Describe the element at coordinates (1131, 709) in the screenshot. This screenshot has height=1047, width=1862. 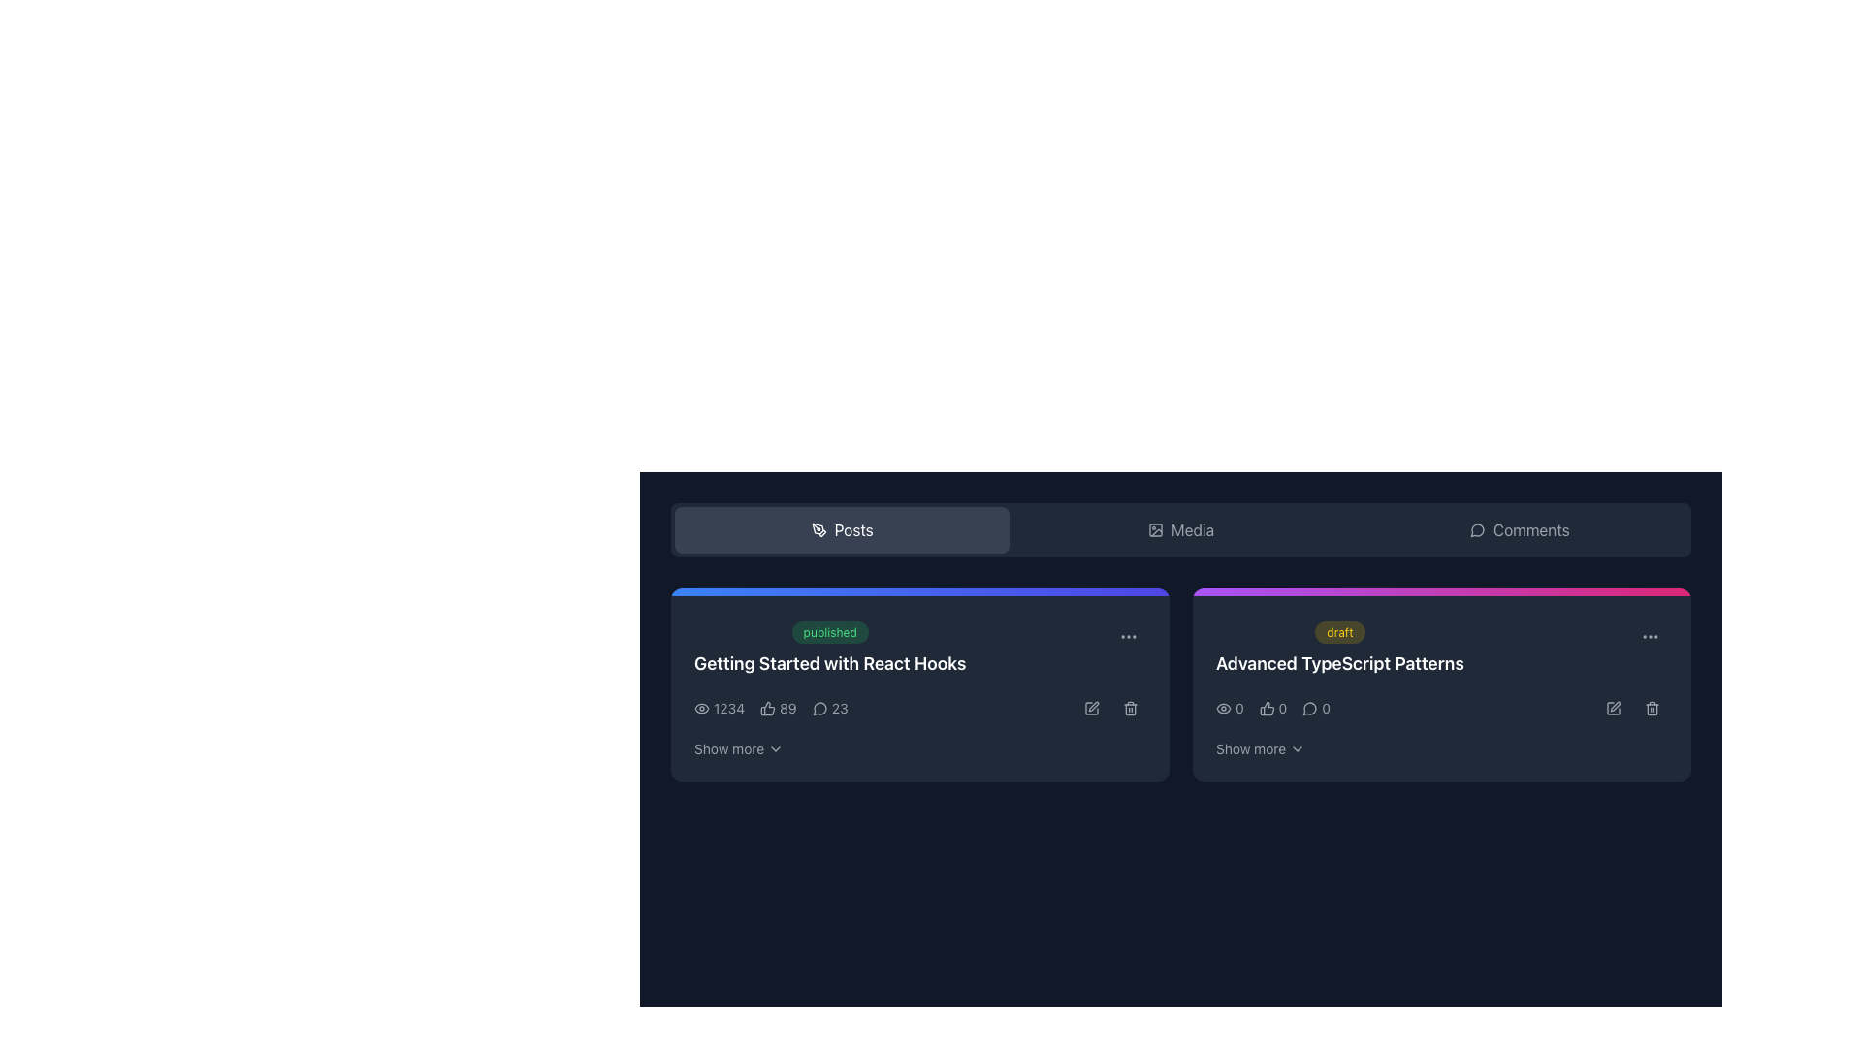
I see `the delete button located in the upper-right corner of the 'Getting Started with React Hooks' post card` at that location.